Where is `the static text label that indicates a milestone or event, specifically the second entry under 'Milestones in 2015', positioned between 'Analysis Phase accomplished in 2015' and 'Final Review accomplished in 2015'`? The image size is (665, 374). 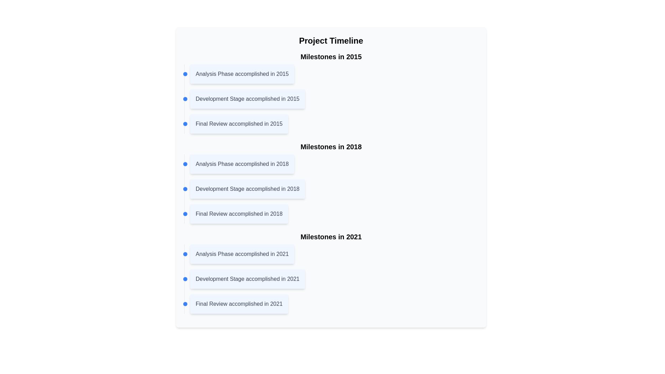 the static text label that indicates a milestone or event, specifically the second entry under 'Milestones in 2015', positioned between 'Analysis Phase accomplished in 2015' and 'Final Review accomplished in 2015' is located at coordinates (247, 99).